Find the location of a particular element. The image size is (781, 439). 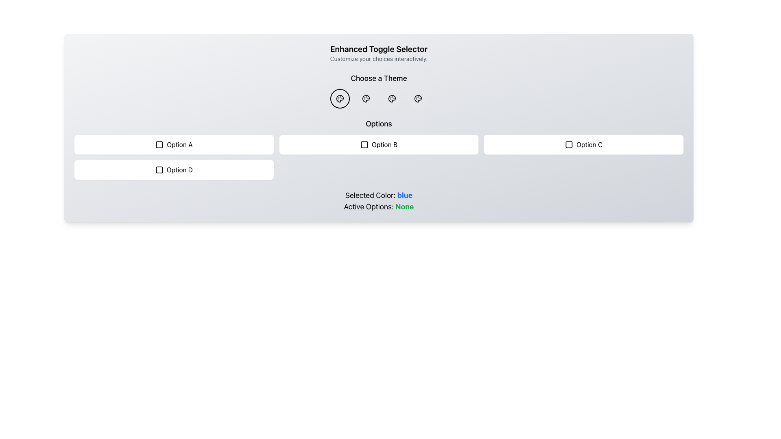

the fourth selectable icon in the 'Choose a Theme' section to interact with the theme options is located at coordinates (418, 98).